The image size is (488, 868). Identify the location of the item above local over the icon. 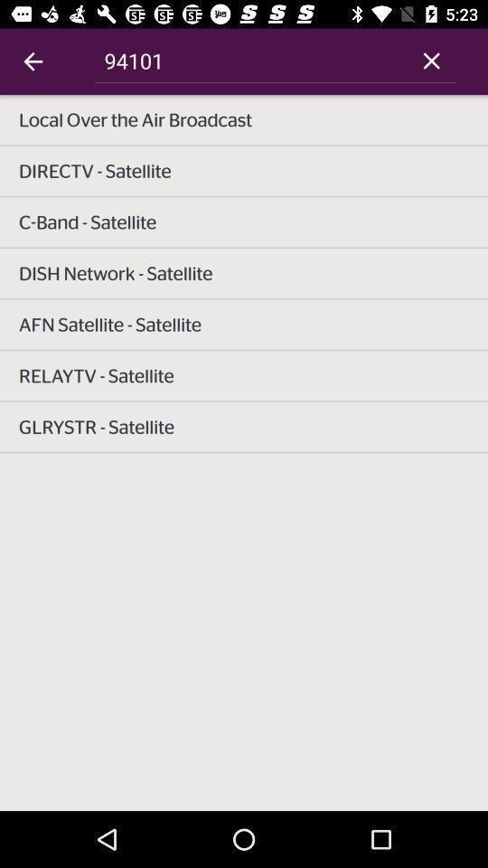
(33, 61).